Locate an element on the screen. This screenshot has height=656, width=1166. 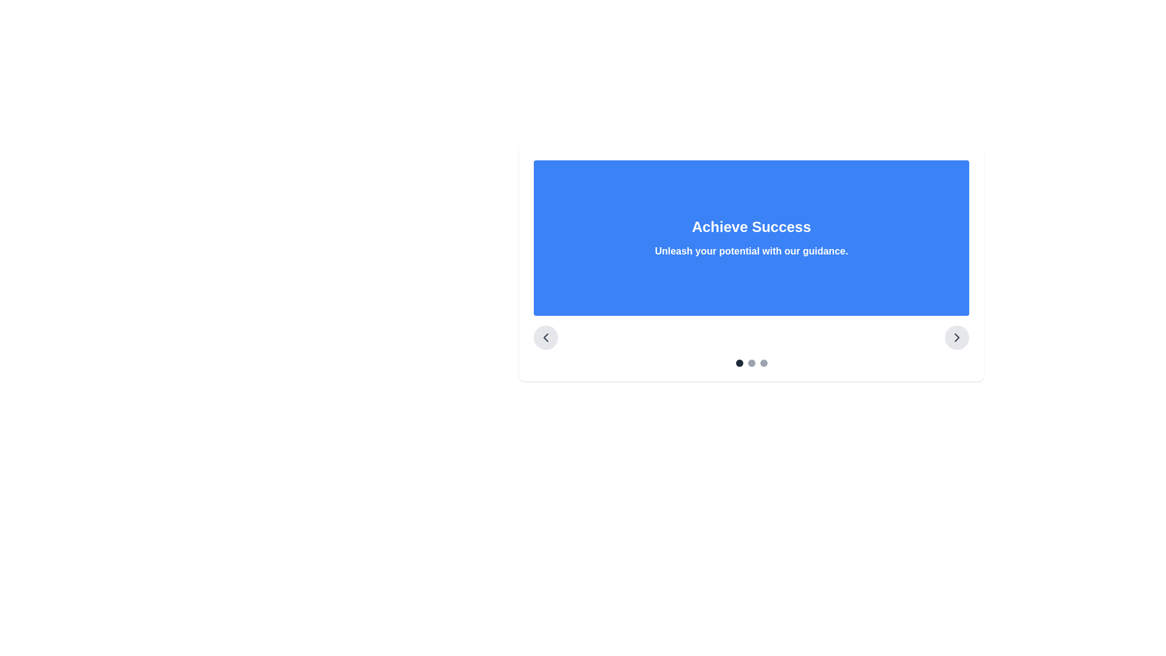
the third Carousel navigation dot, which is the last element in a row of three indicators is located at coordinates (763, 362).